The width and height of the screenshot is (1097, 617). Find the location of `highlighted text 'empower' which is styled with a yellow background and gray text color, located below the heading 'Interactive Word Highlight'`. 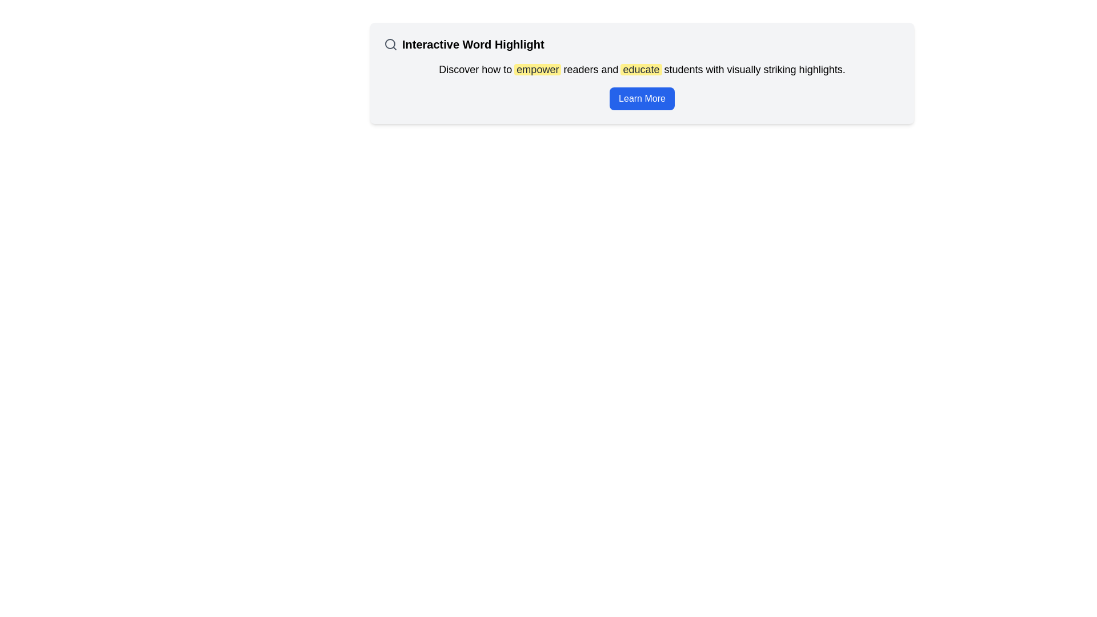

highlighted text 'empower' which is styled with a yellow background and gray text color, located below the heading 'Interactive Word Highlight' is located at coordinates (537, 70).